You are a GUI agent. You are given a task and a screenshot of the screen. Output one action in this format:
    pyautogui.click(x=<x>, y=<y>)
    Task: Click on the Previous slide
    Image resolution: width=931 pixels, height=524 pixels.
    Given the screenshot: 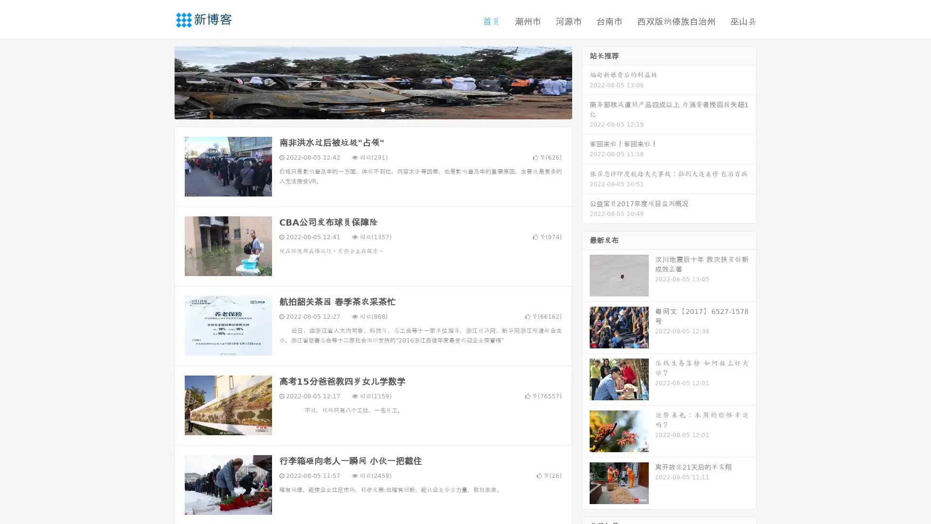 What is the action you would take?
    pyautogui.click(x=160, y=82)
    